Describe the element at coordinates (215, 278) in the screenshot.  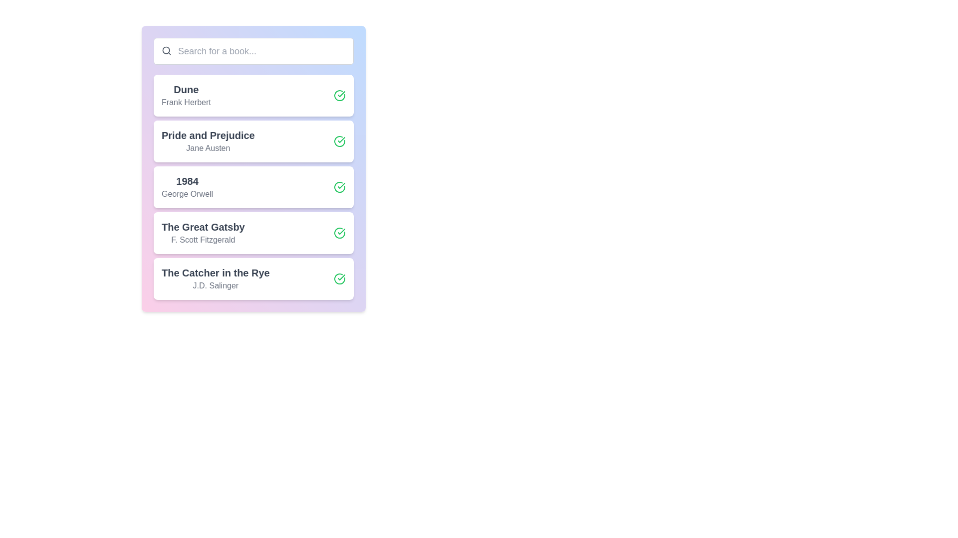
I see `the text display element that shows the book title 'The Catcher in the Rye' by J.D. Salinger, which is the last item in a vertical list of book titles and authors` at that location.